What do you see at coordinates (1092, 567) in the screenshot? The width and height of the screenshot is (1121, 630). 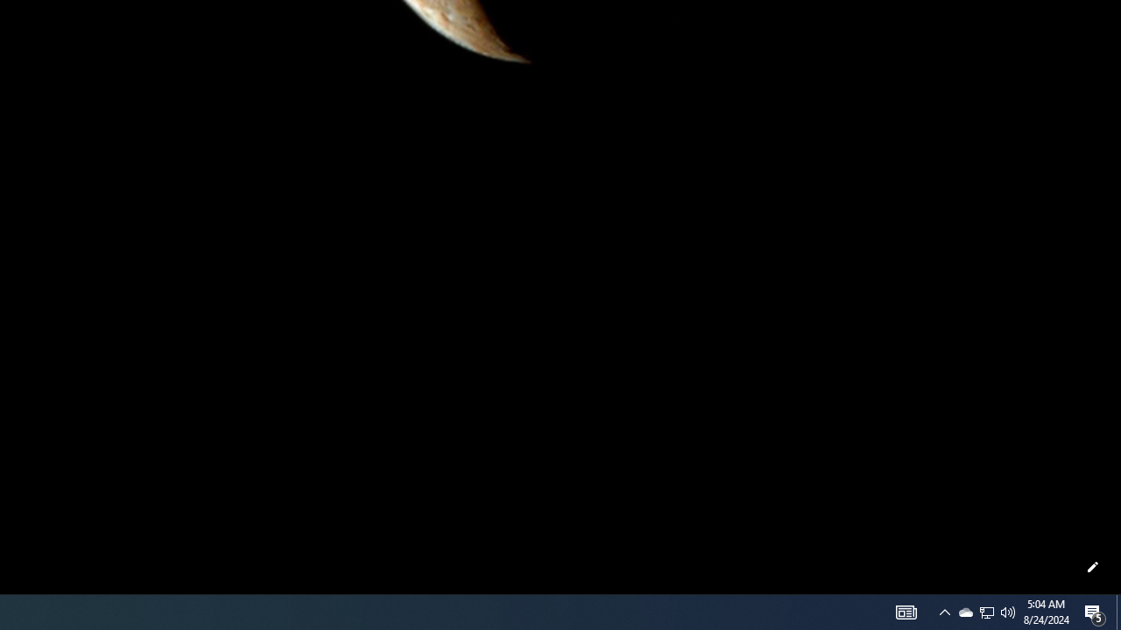 I see `'Customize this page'` at bounding box center [1092, 567].